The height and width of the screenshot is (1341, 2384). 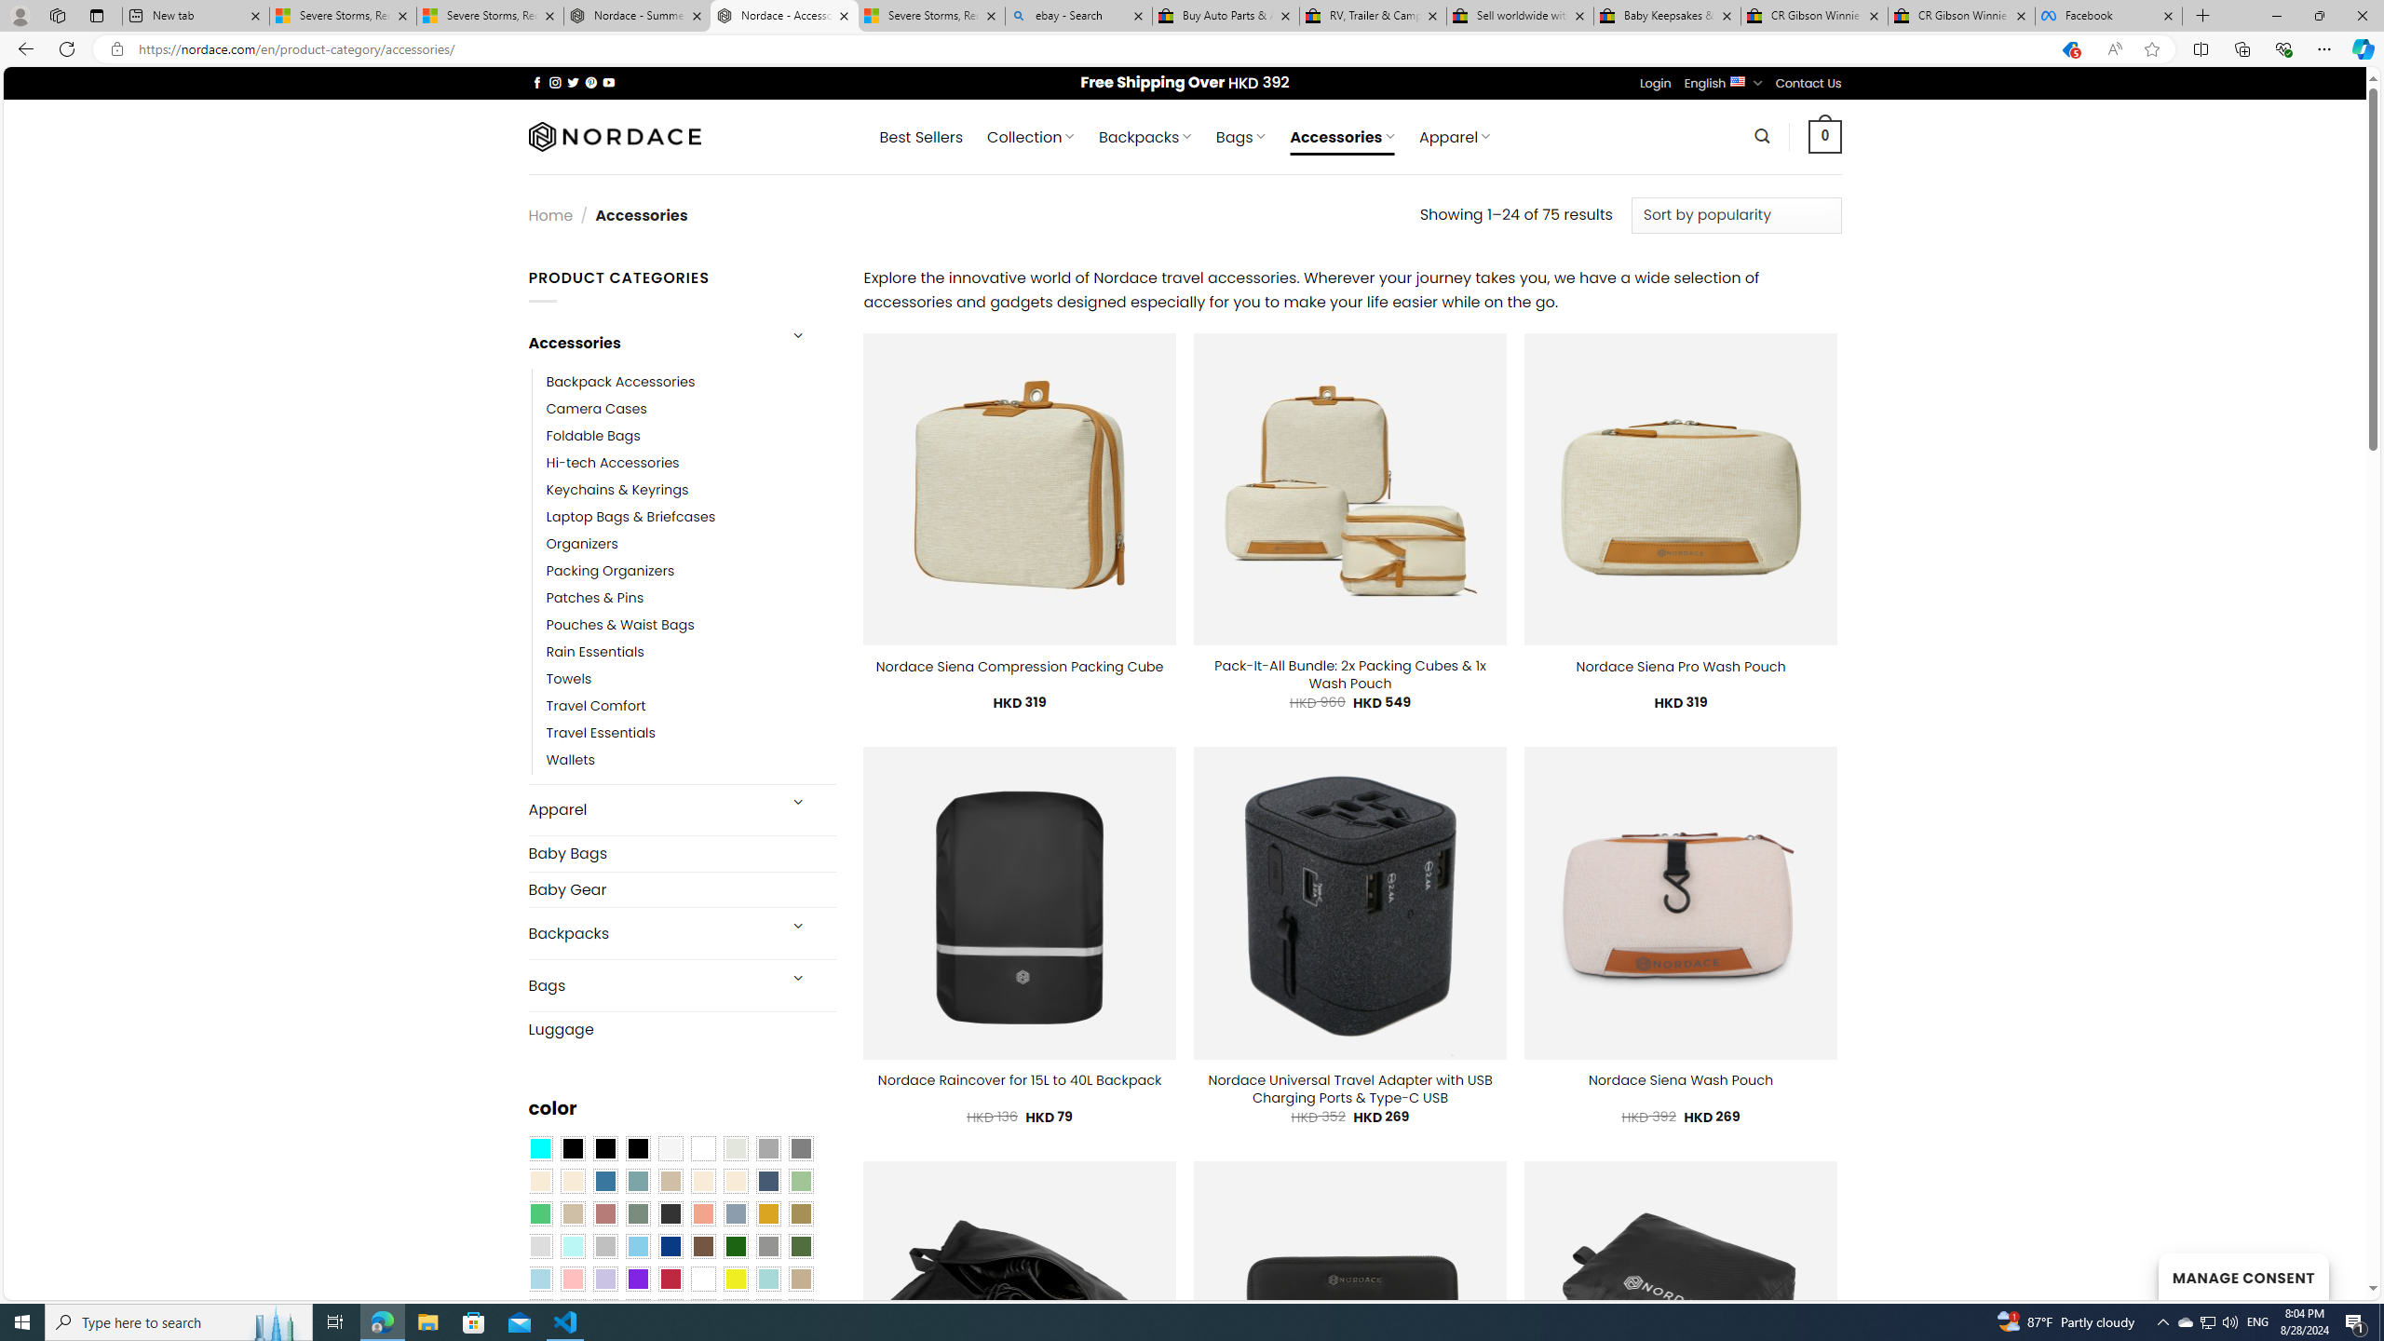 What do you see at coordinates (681, 888) in the screenshot?
I see `'Baby Gear'` at bounding box center [681, 888].